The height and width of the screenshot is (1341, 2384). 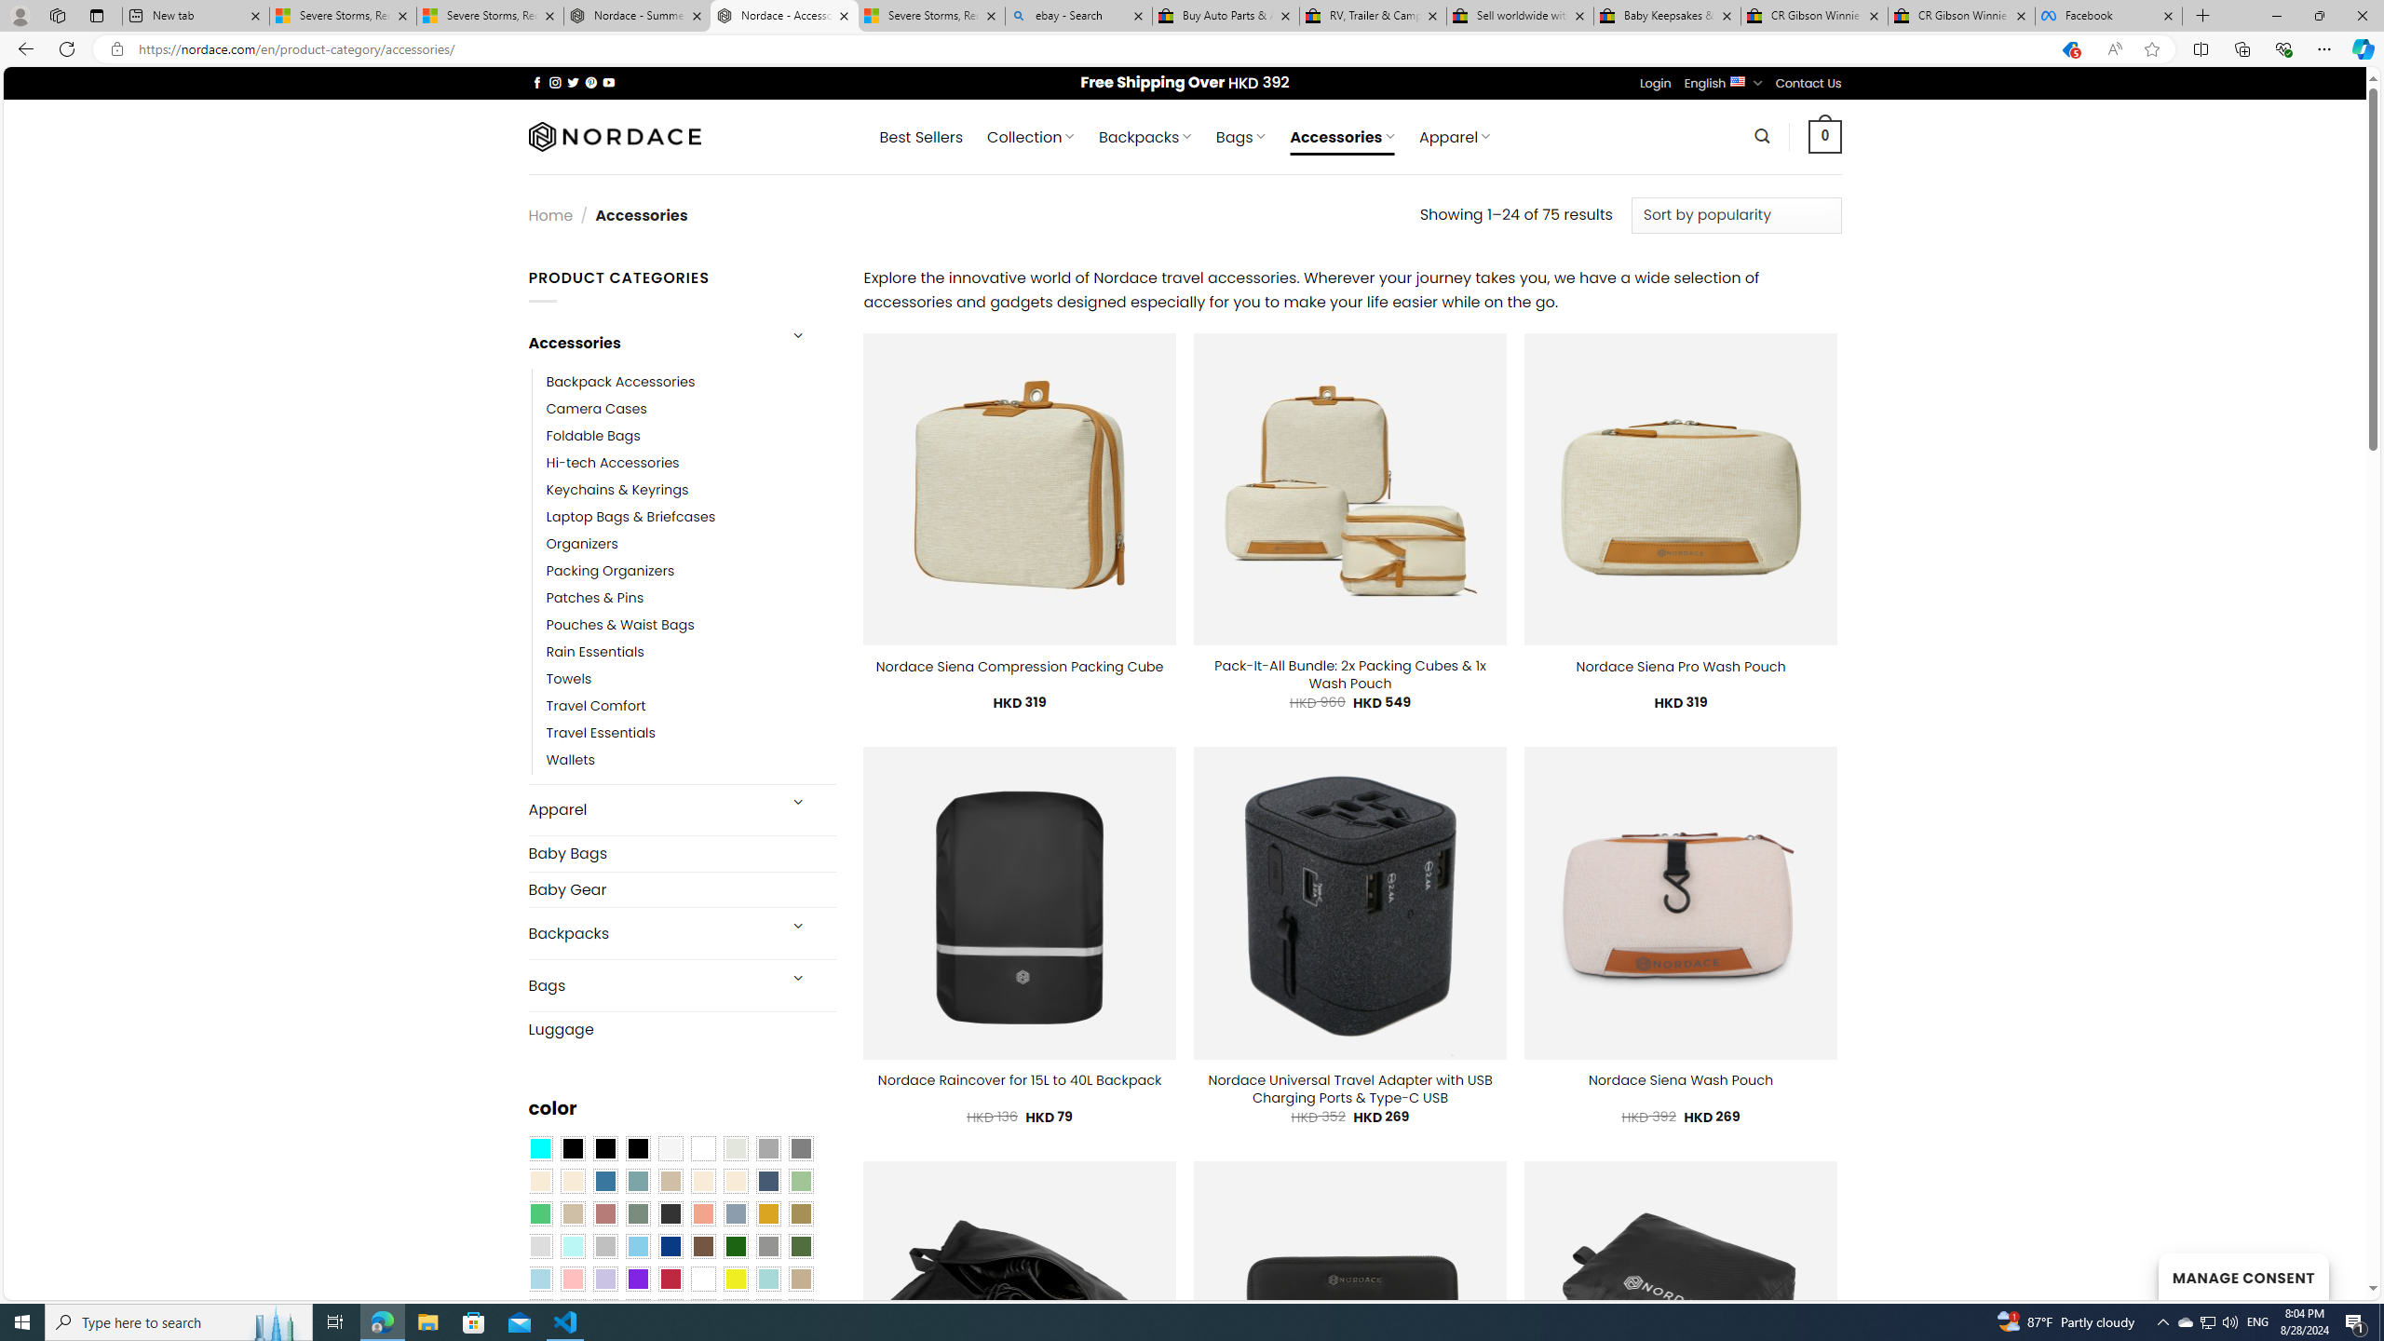 What do you see at coordinates (681, 888) in the screenshot?
I see `'Baby Gear'` at bounding box center [681, 888].